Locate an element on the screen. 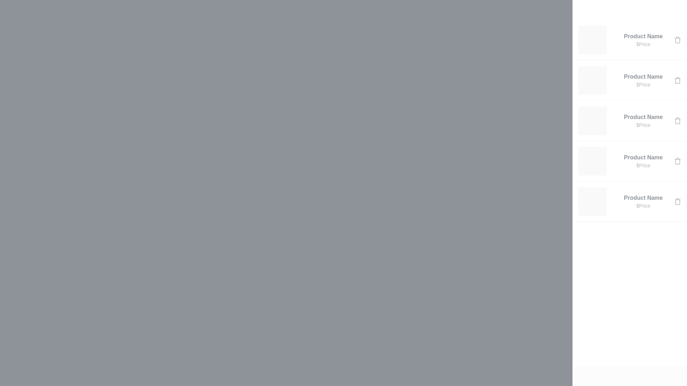 Image resolution: width=687 pixels, height=386 pixels. the Trash Icon Button, which is a gray outlined icon in the shape of a trash can, located at the far right of the product item information list is located at coordinates (677, 161).